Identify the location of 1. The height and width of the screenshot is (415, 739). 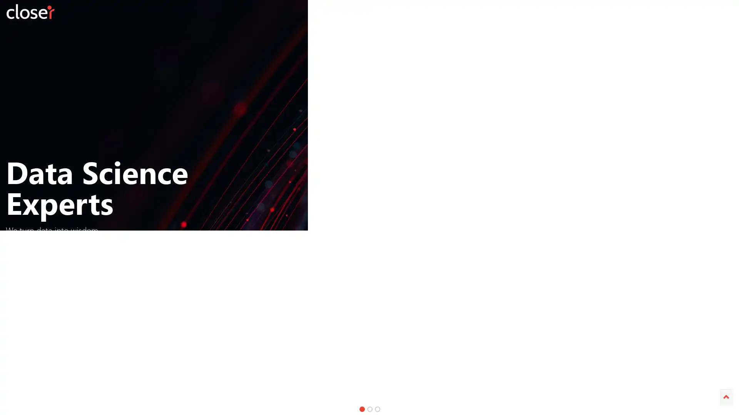
(361, 408).